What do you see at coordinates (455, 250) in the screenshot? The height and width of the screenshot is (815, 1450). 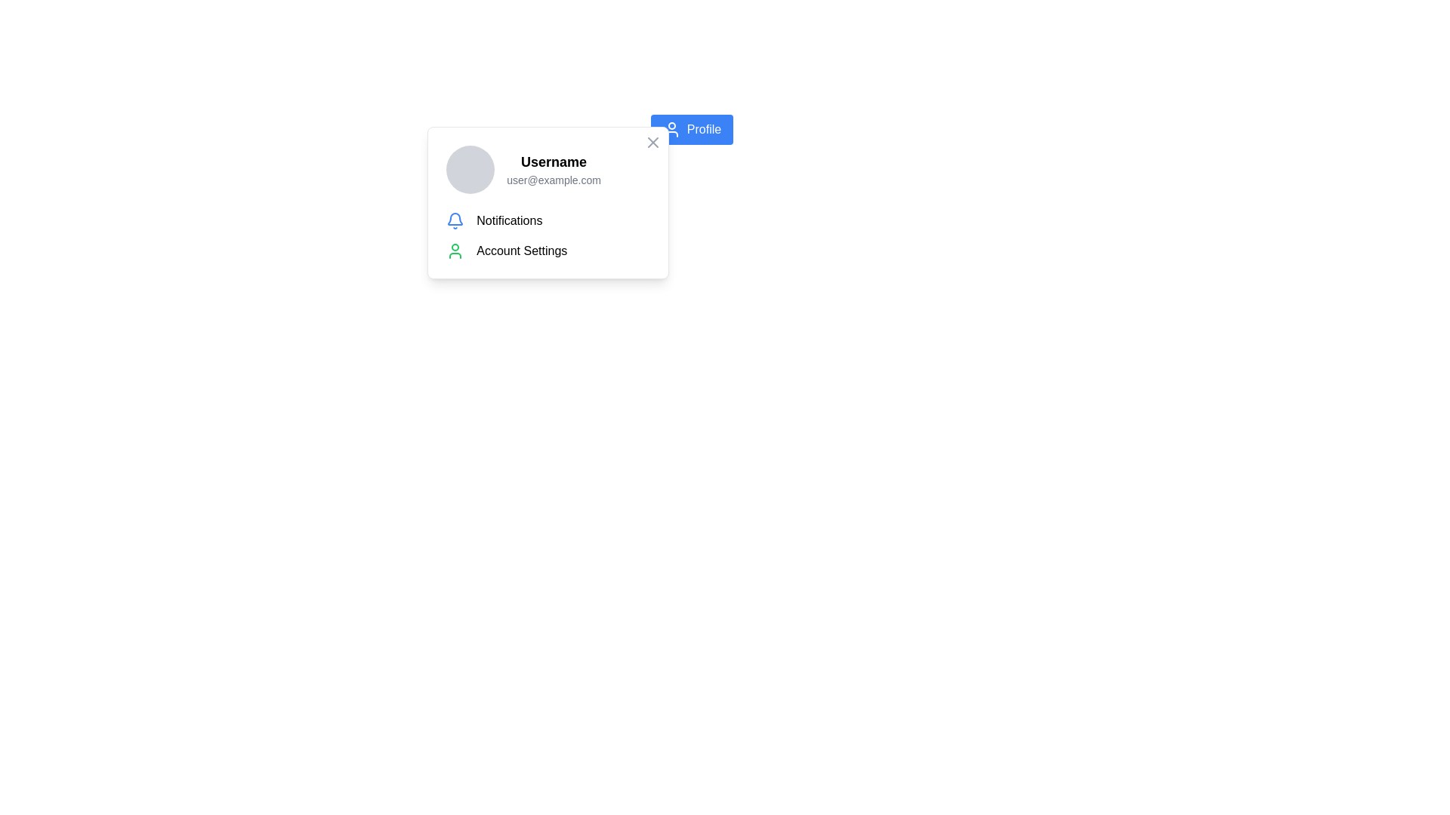 I see `the user silhouette icon, which is visually distinct in green and located to the left of the 'Account Settings' label in the dropdown menu` at bounding box center [455, 250].